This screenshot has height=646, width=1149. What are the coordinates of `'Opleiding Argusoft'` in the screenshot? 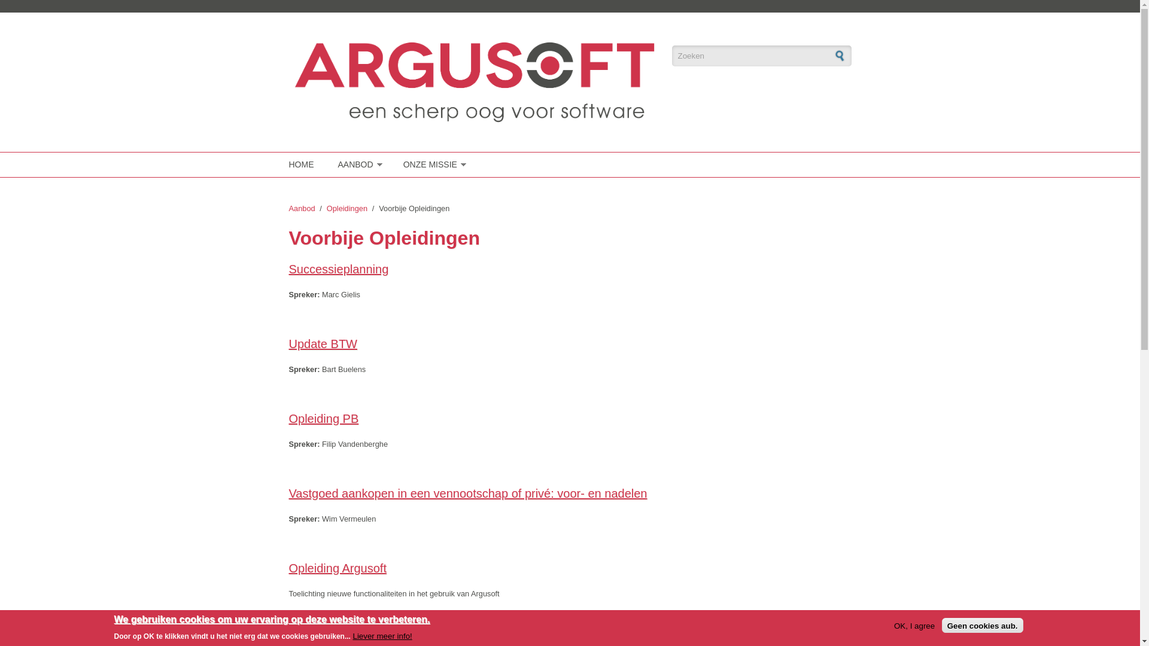 It's located at (336, 567).